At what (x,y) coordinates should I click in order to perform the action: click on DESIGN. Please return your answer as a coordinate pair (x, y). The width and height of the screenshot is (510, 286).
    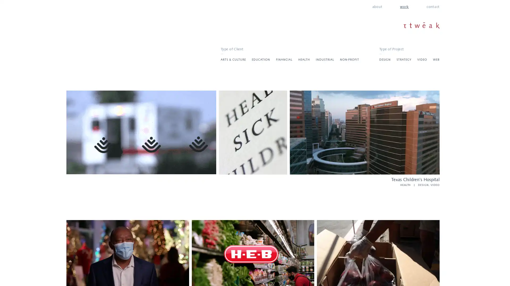
    Looking at the image, I should click on (385, 60).